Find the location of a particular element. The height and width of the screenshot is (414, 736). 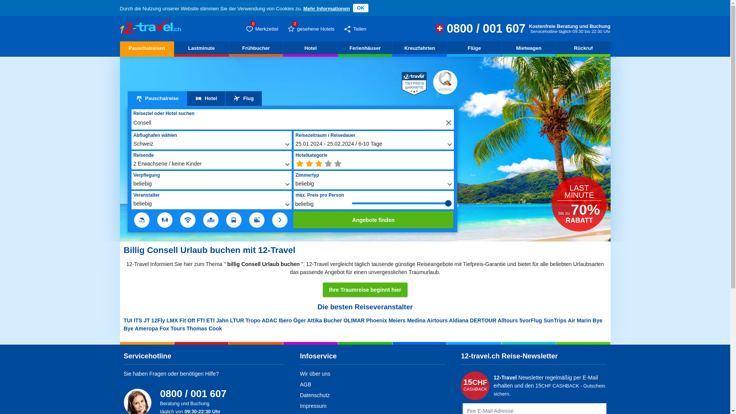

'ITS' is located at coordinates (138, 320).